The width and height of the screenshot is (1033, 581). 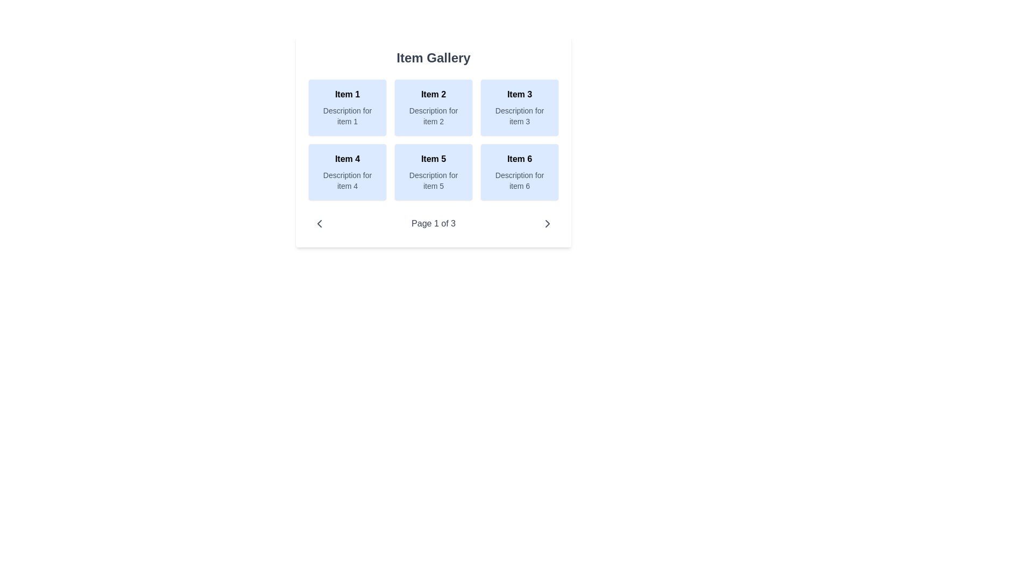 I want to click on the left-facing chevron navigation button, so click(x=319, y=223).